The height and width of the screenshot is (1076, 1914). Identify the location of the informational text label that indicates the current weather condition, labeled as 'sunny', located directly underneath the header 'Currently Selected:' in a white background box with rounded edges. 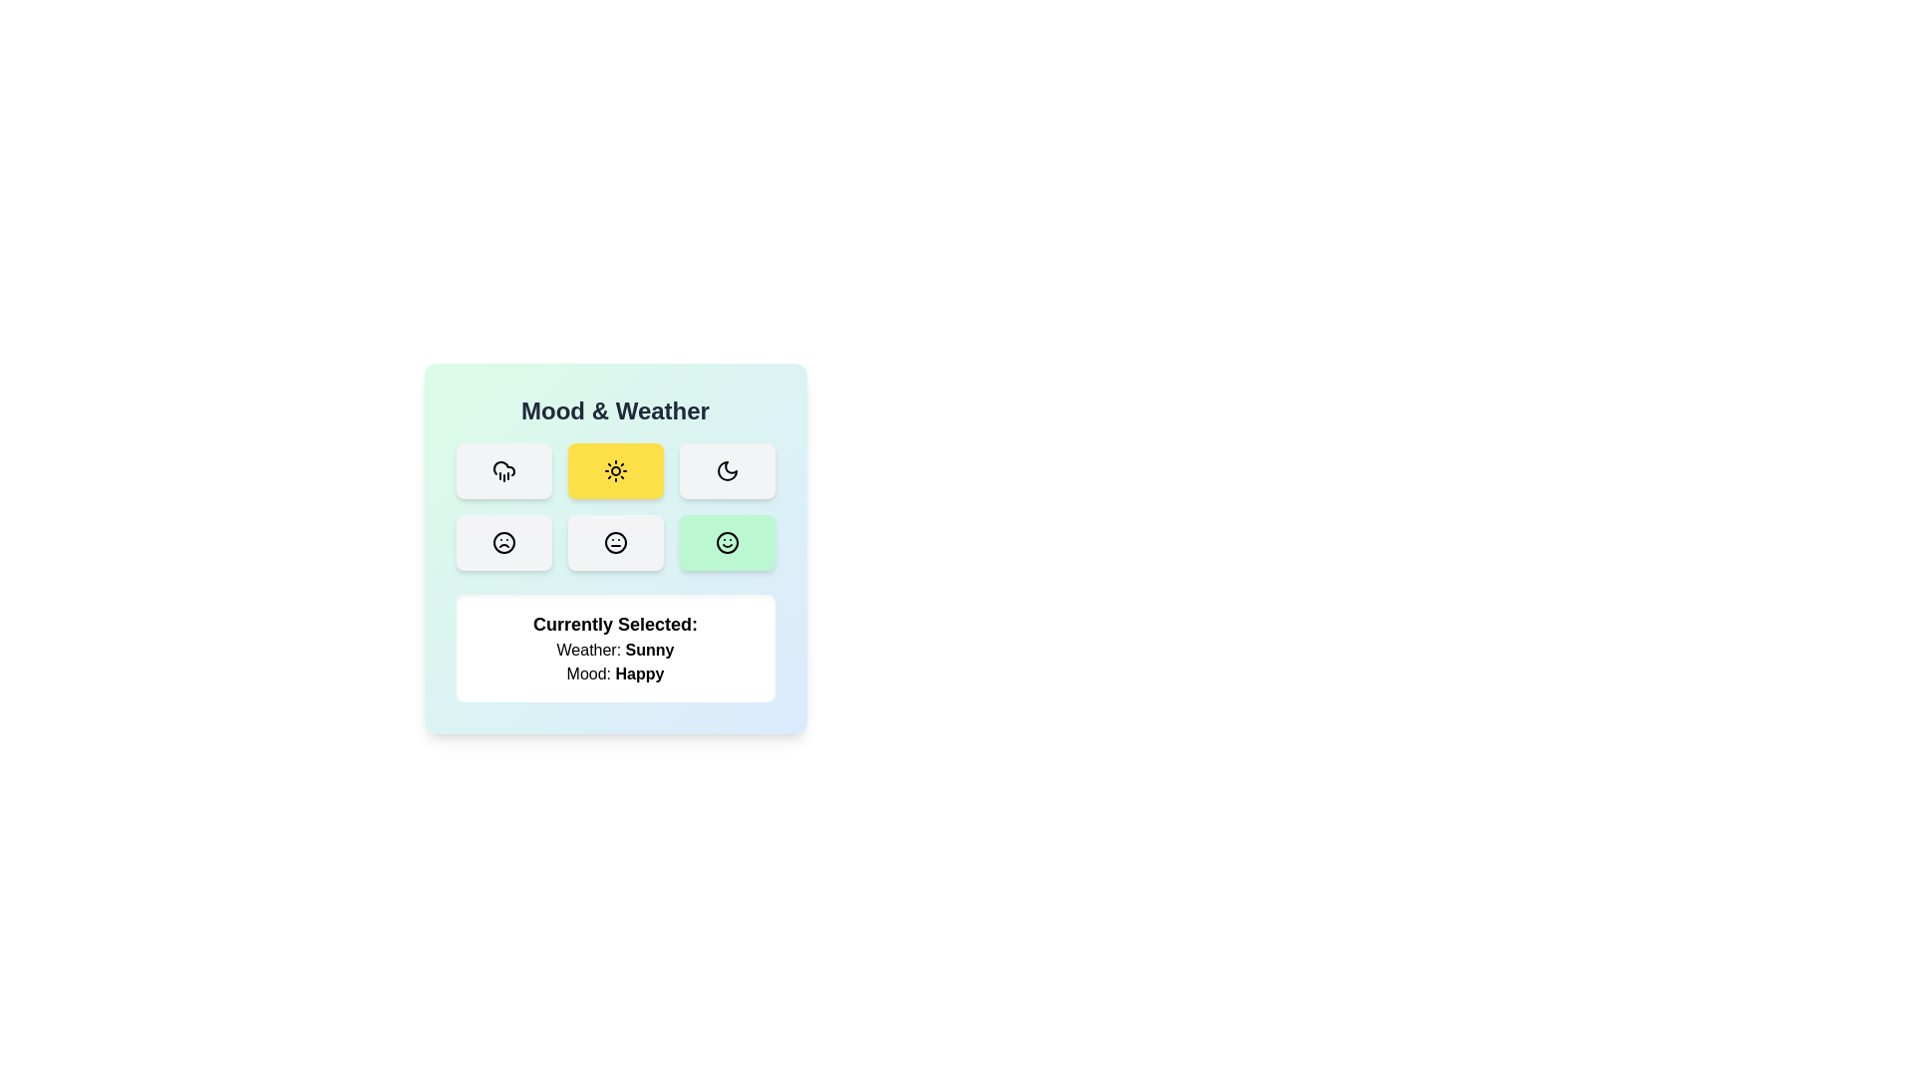
(614, 650).